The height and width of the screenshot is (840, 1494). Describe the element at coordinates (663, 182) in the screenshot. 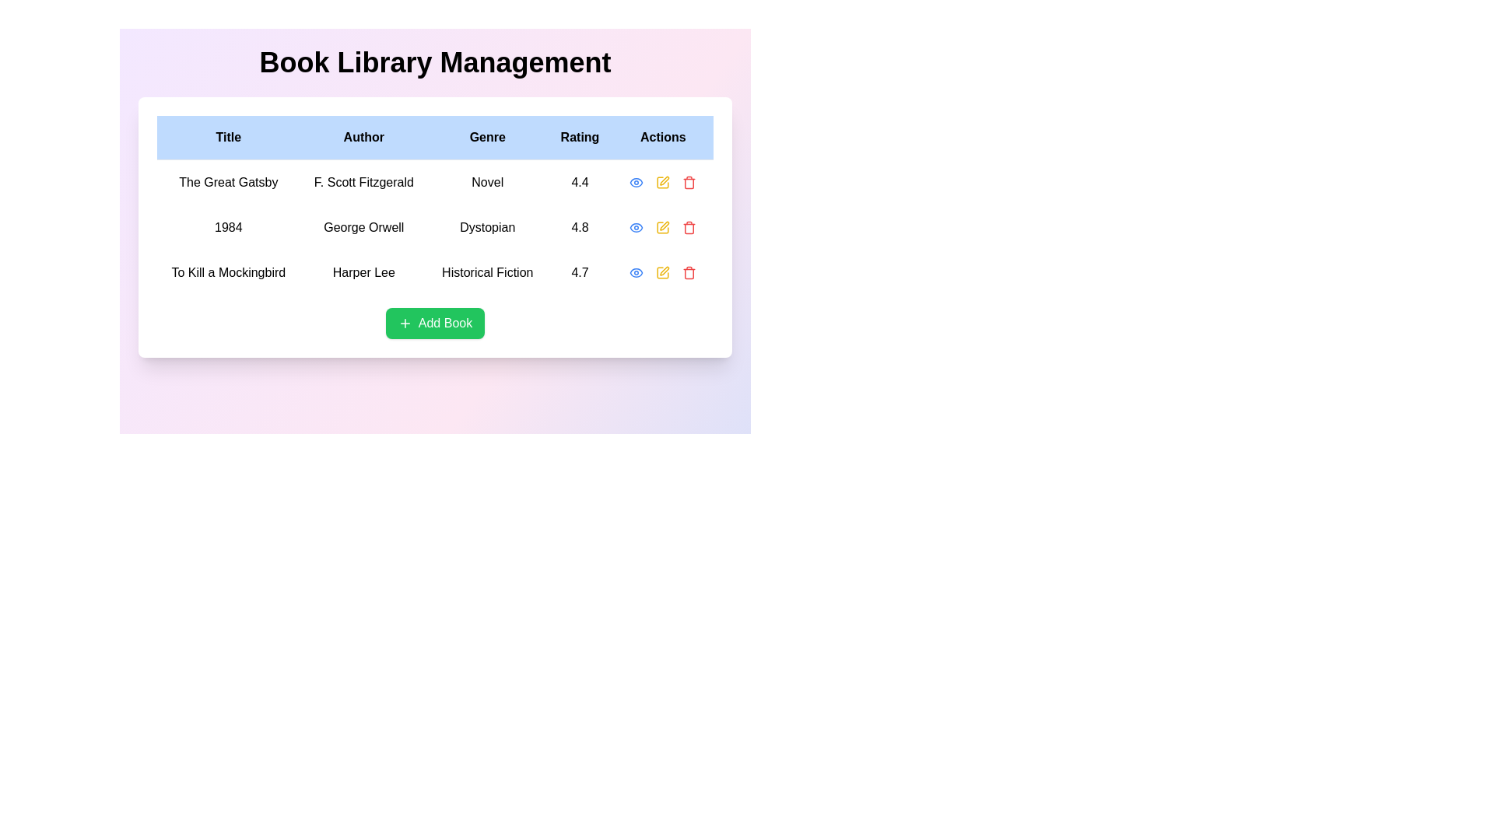

I see `the Edit Action icon located in the Actions column of the table row for the book titled '1984'` at that location.